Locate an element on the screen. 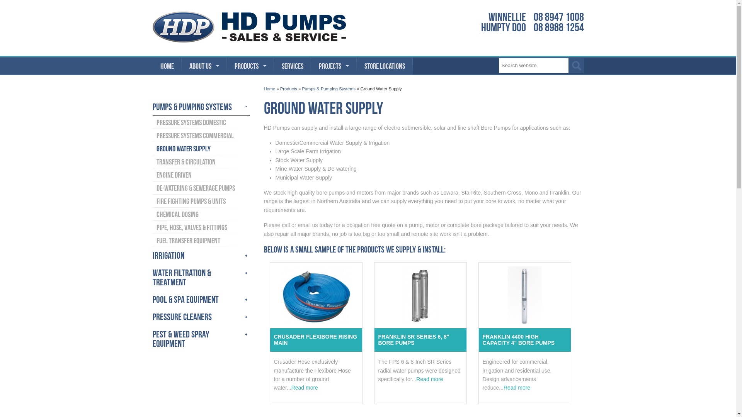 The height and width of the screenshot is (417, 742). 'PRESSURE SYSTEMS COMMERCIAL' is located at coordinates (201, 135).